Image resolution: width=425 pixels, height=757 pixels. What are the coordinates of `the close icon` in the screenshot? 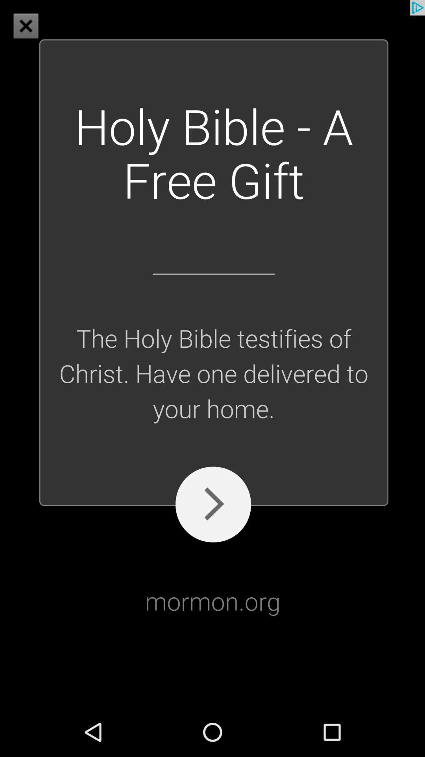 It's located at (25, 28).